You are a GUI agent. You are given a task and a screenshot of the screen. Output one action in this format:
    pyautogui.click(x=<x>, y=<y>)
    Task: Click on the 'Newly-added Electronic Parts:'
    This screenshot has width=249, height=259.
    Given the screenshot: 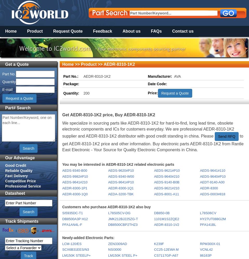 What is the action you would take?
    pyautogui.click(x=88, y=238)
    